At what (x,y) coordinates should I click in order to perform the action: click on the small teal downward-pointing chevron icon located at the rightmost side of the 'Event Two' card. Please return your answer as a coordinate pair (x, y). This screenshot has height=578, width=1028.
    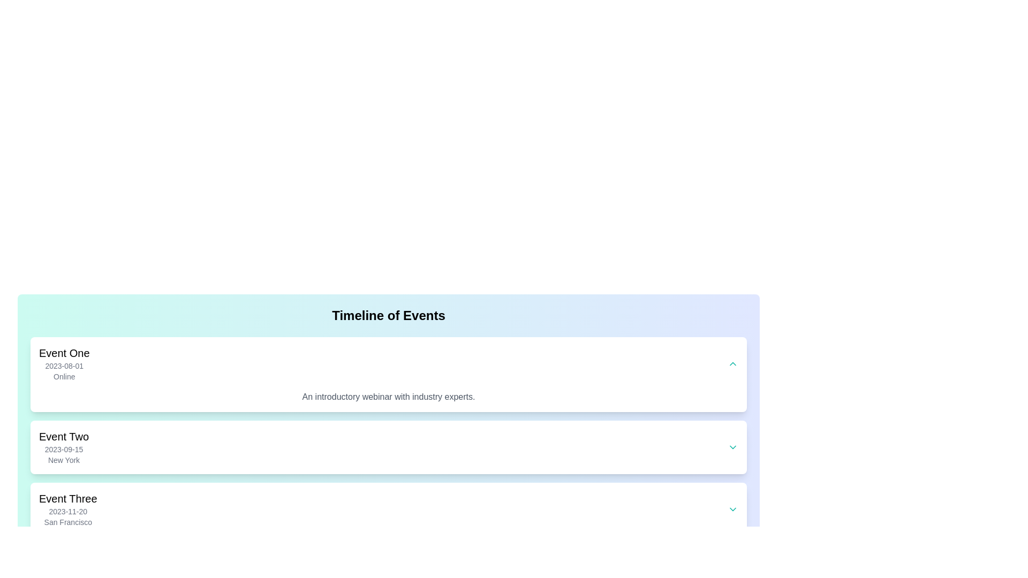
    Looking at the image, I should click on (732, 447).